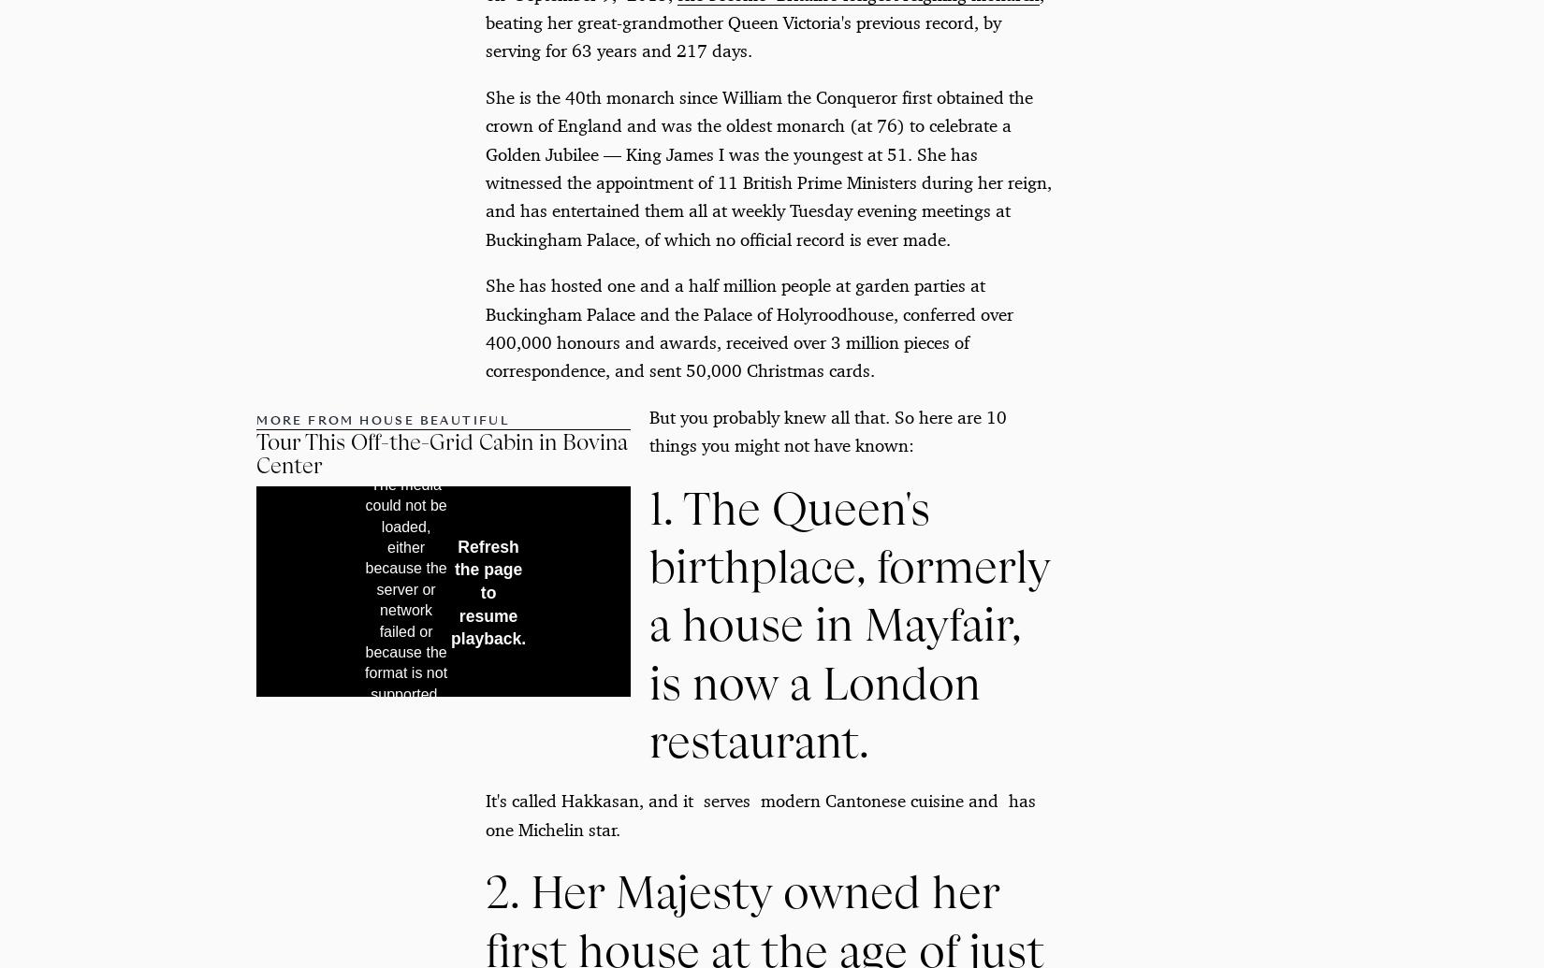 The image size is (1544, 968). Describe the element at coordinates (537, 728) in the screenshot. I see `'Media Kit'` at that location.